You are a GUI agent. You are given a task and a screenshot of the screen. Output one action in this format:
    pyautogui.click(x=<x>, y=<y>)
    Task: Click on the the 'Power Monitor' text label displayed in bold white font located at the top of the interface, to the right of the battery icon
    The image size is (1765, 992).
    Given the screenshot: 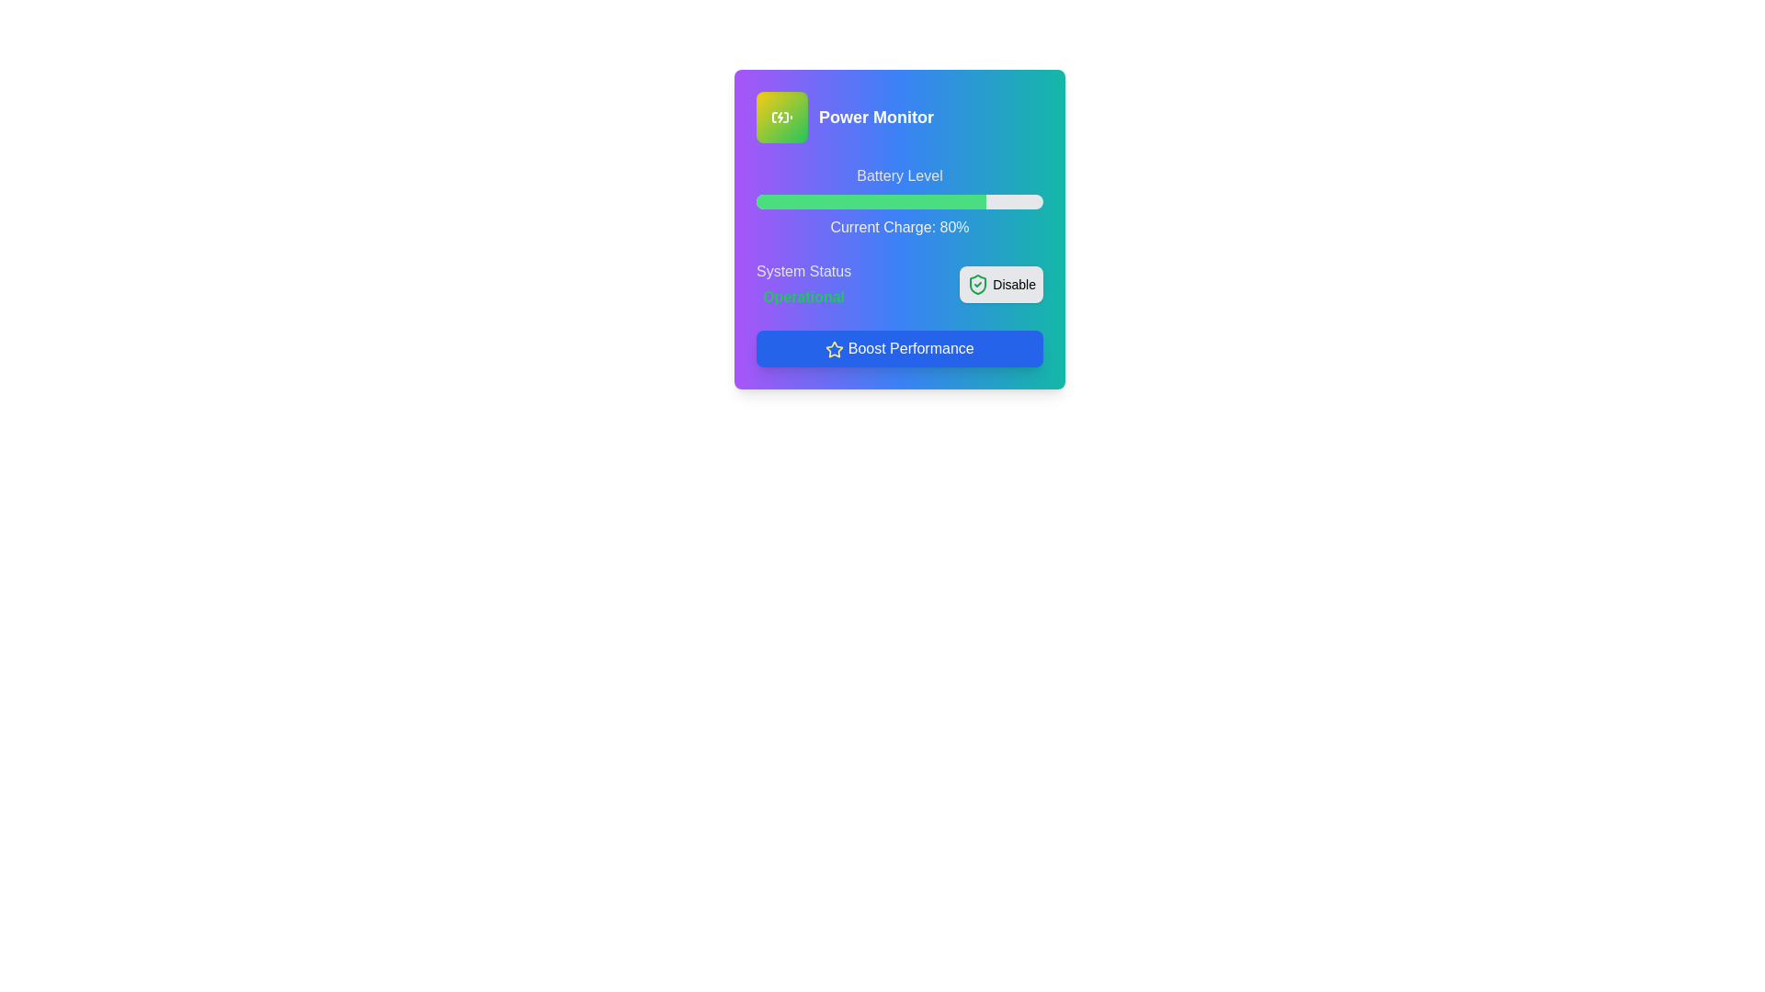 What is the action you would take?
    pyautogui.click(x=875, y=117)
    